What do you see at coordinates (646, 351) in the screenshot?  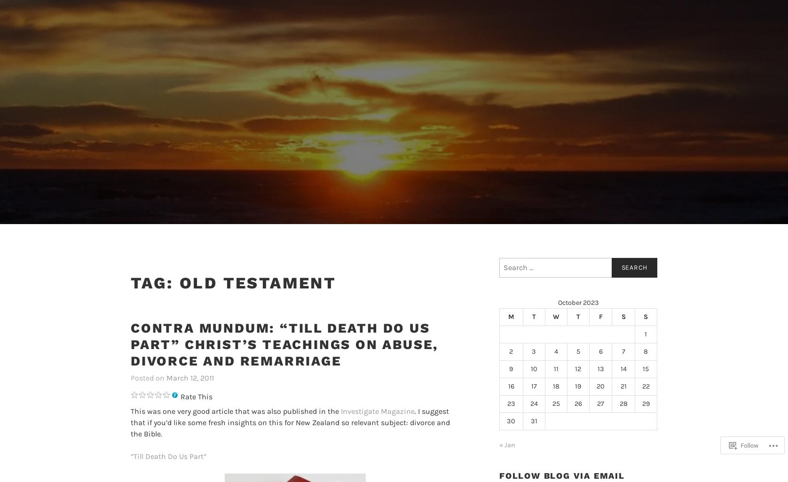 I see `'8'` at bounding box center [646, 351].